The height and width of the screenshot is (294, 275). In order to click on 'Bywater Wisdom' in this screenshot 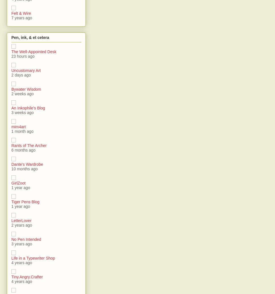, I will do `click(26, 88)`.